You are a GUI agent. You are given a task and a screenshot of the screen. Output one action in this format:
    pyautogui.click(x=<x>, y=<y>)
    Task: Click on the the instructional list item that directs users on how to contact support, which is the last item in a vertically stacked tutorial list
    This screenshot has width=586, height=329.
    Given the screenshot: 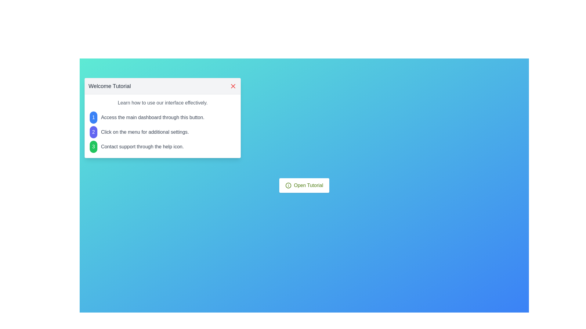 What is the action you would take?
    pyautogui.click(x=162, y=147)
    